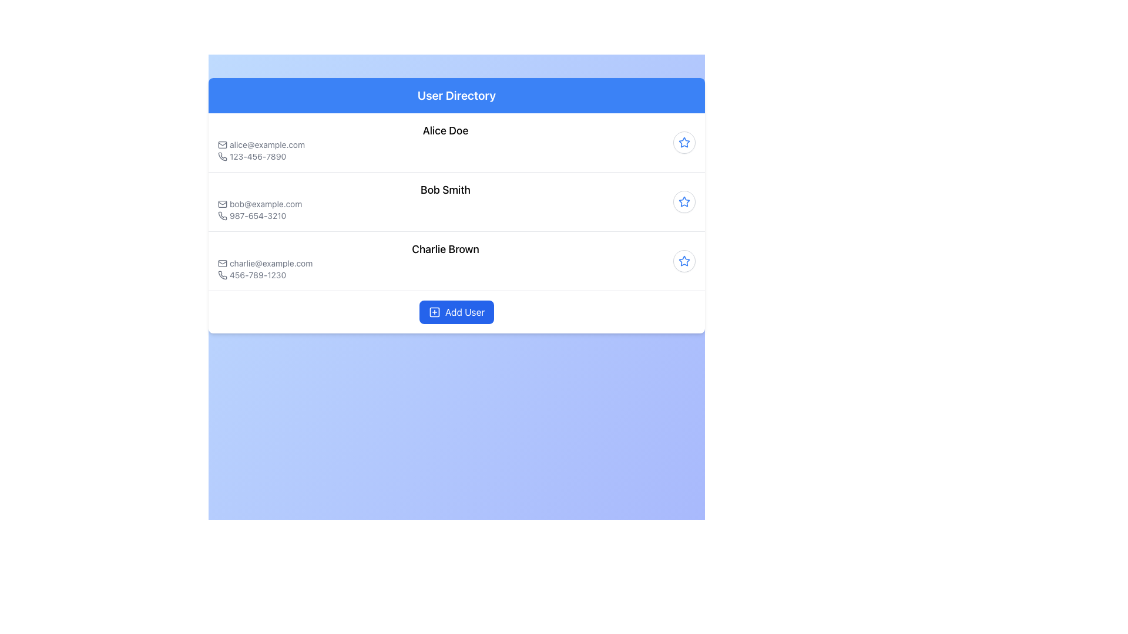  Describe the element at coordinates (456, 95) in the screenshot. I see `the 'User Directory' heading text label, which is styled in bold and located at the top center of the section with a blue background` at that location.